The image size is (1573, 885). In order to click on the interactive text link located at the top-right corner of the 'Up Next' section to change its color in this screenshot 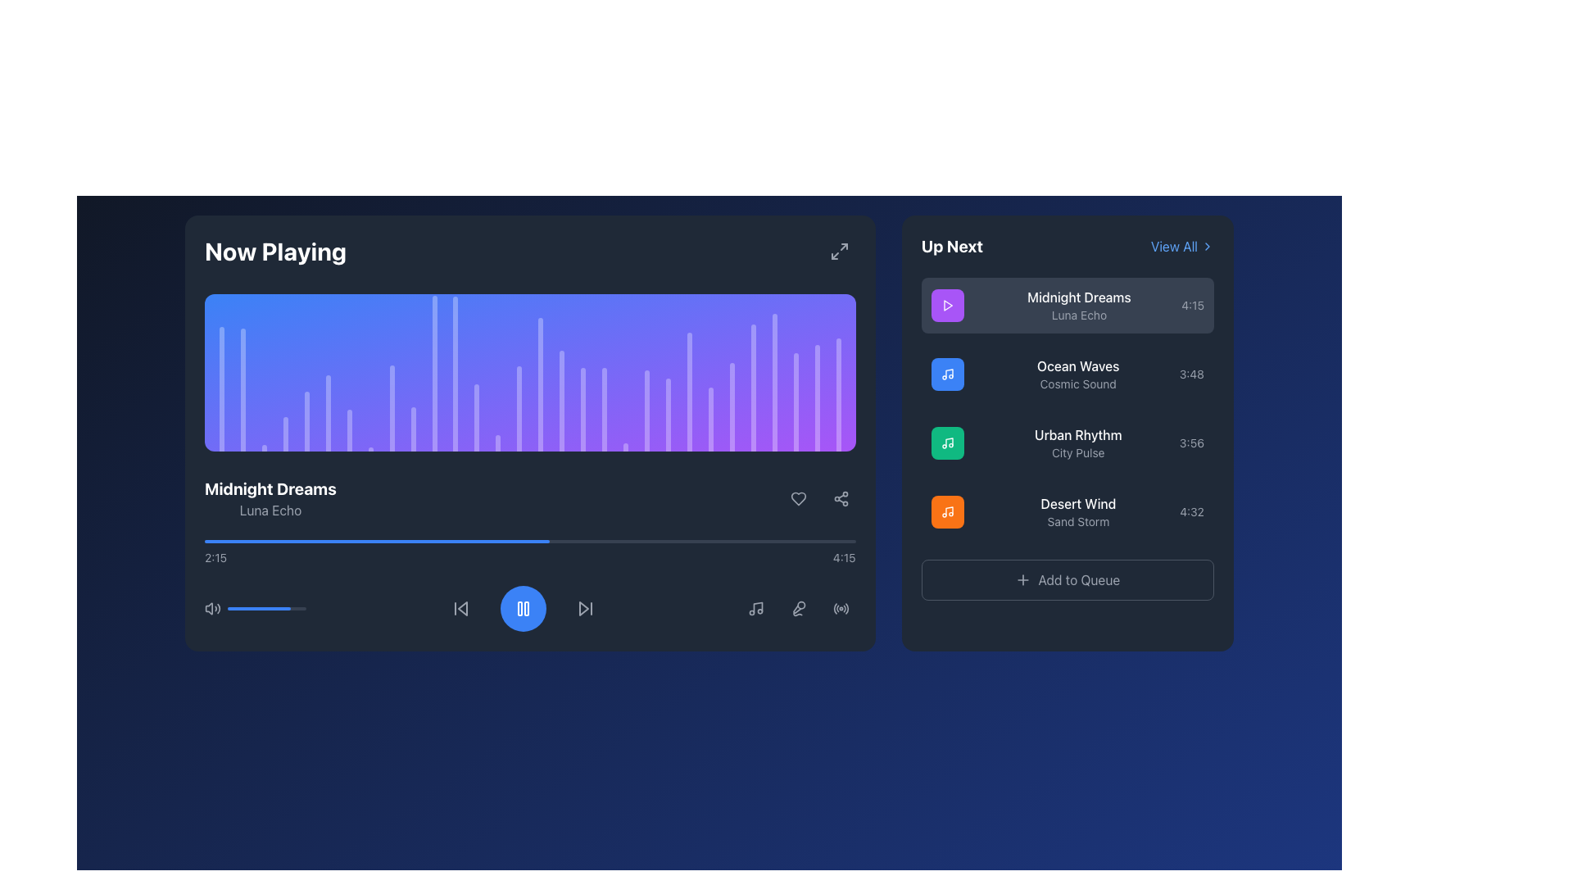, I will do `click(1182, 246)`.